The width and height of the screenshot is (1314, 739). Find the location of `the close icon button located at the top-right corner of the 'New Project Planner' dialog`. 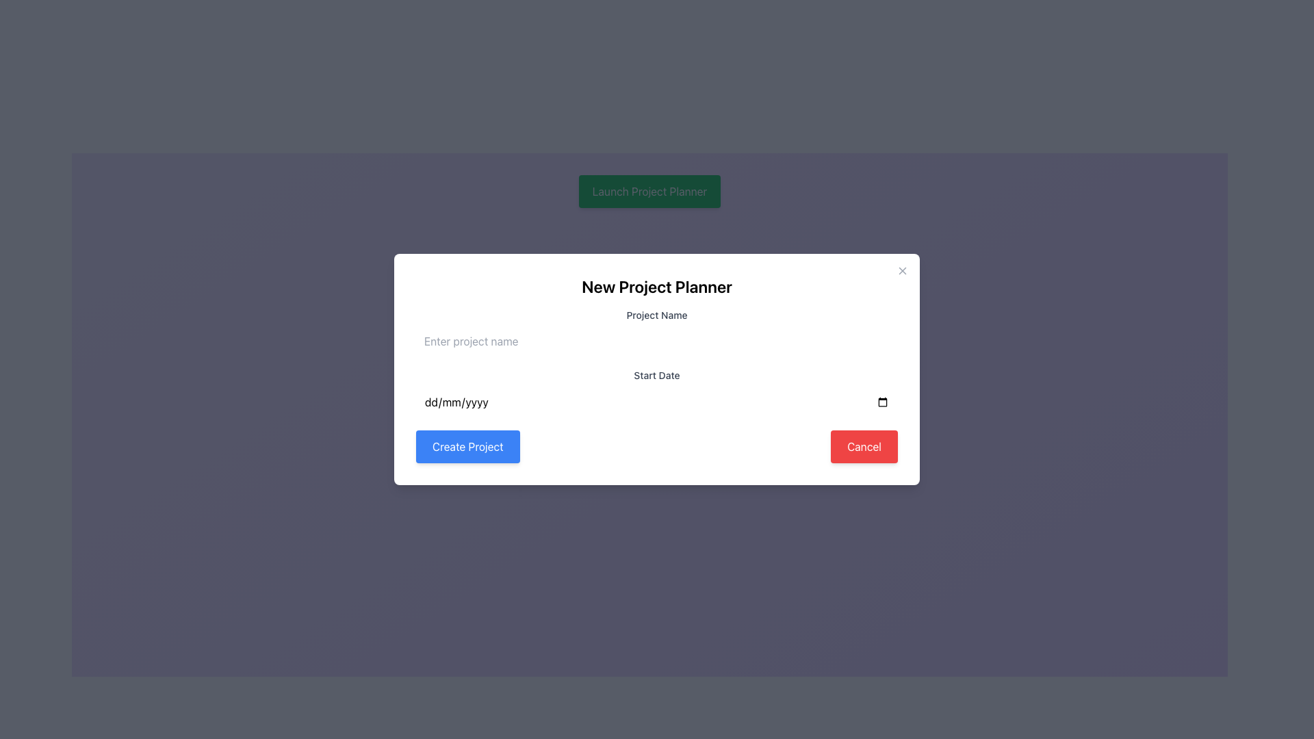

the close icon button located at the top-right corner of the 'New Project Planner' dialog is located at coordinates (903, 271).